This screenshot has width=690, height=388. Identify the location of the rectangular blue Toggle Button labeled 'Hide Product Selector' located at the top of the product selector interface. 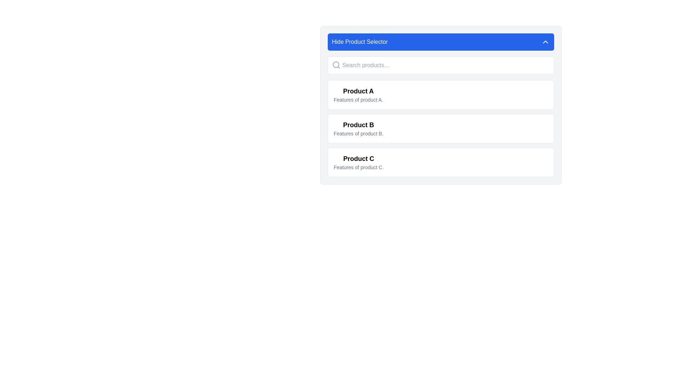
(440, 42).